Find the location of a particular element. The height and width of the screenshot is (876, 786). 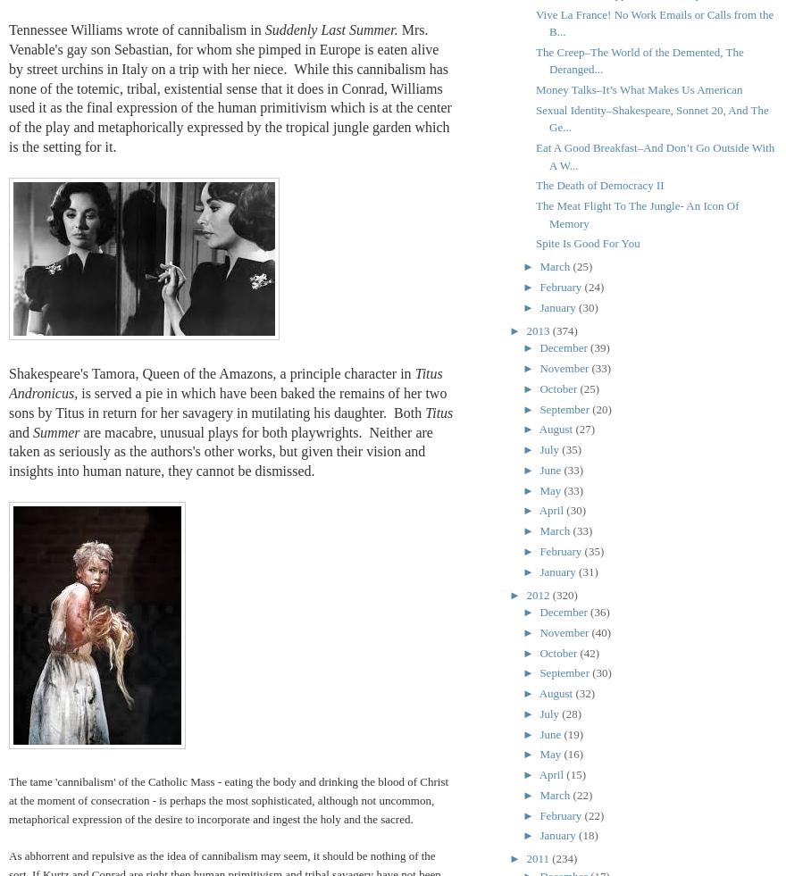

'Vive La France! No Work Emails or Calls from the B...' is located at coordinates (534, 21).